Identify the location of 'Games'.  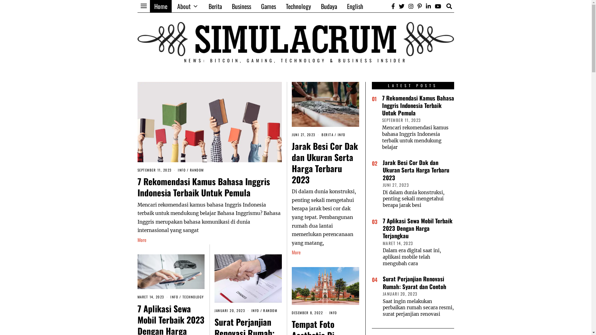
(268, 6).